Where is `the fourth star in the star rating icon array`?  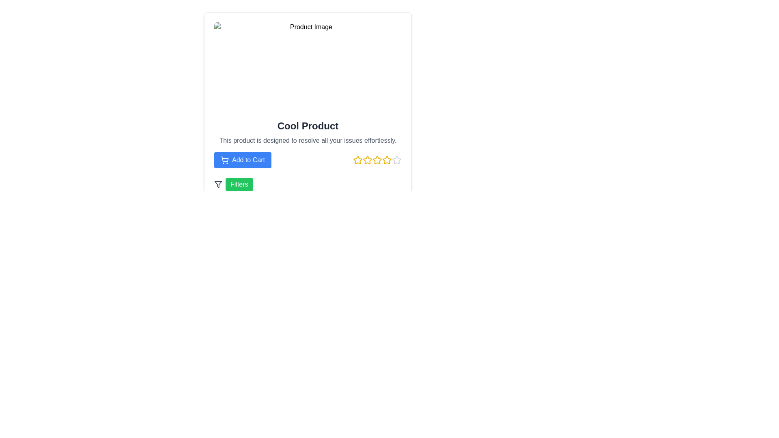
the fourth star in the star rating icon array is located at coordinates (387, 160).